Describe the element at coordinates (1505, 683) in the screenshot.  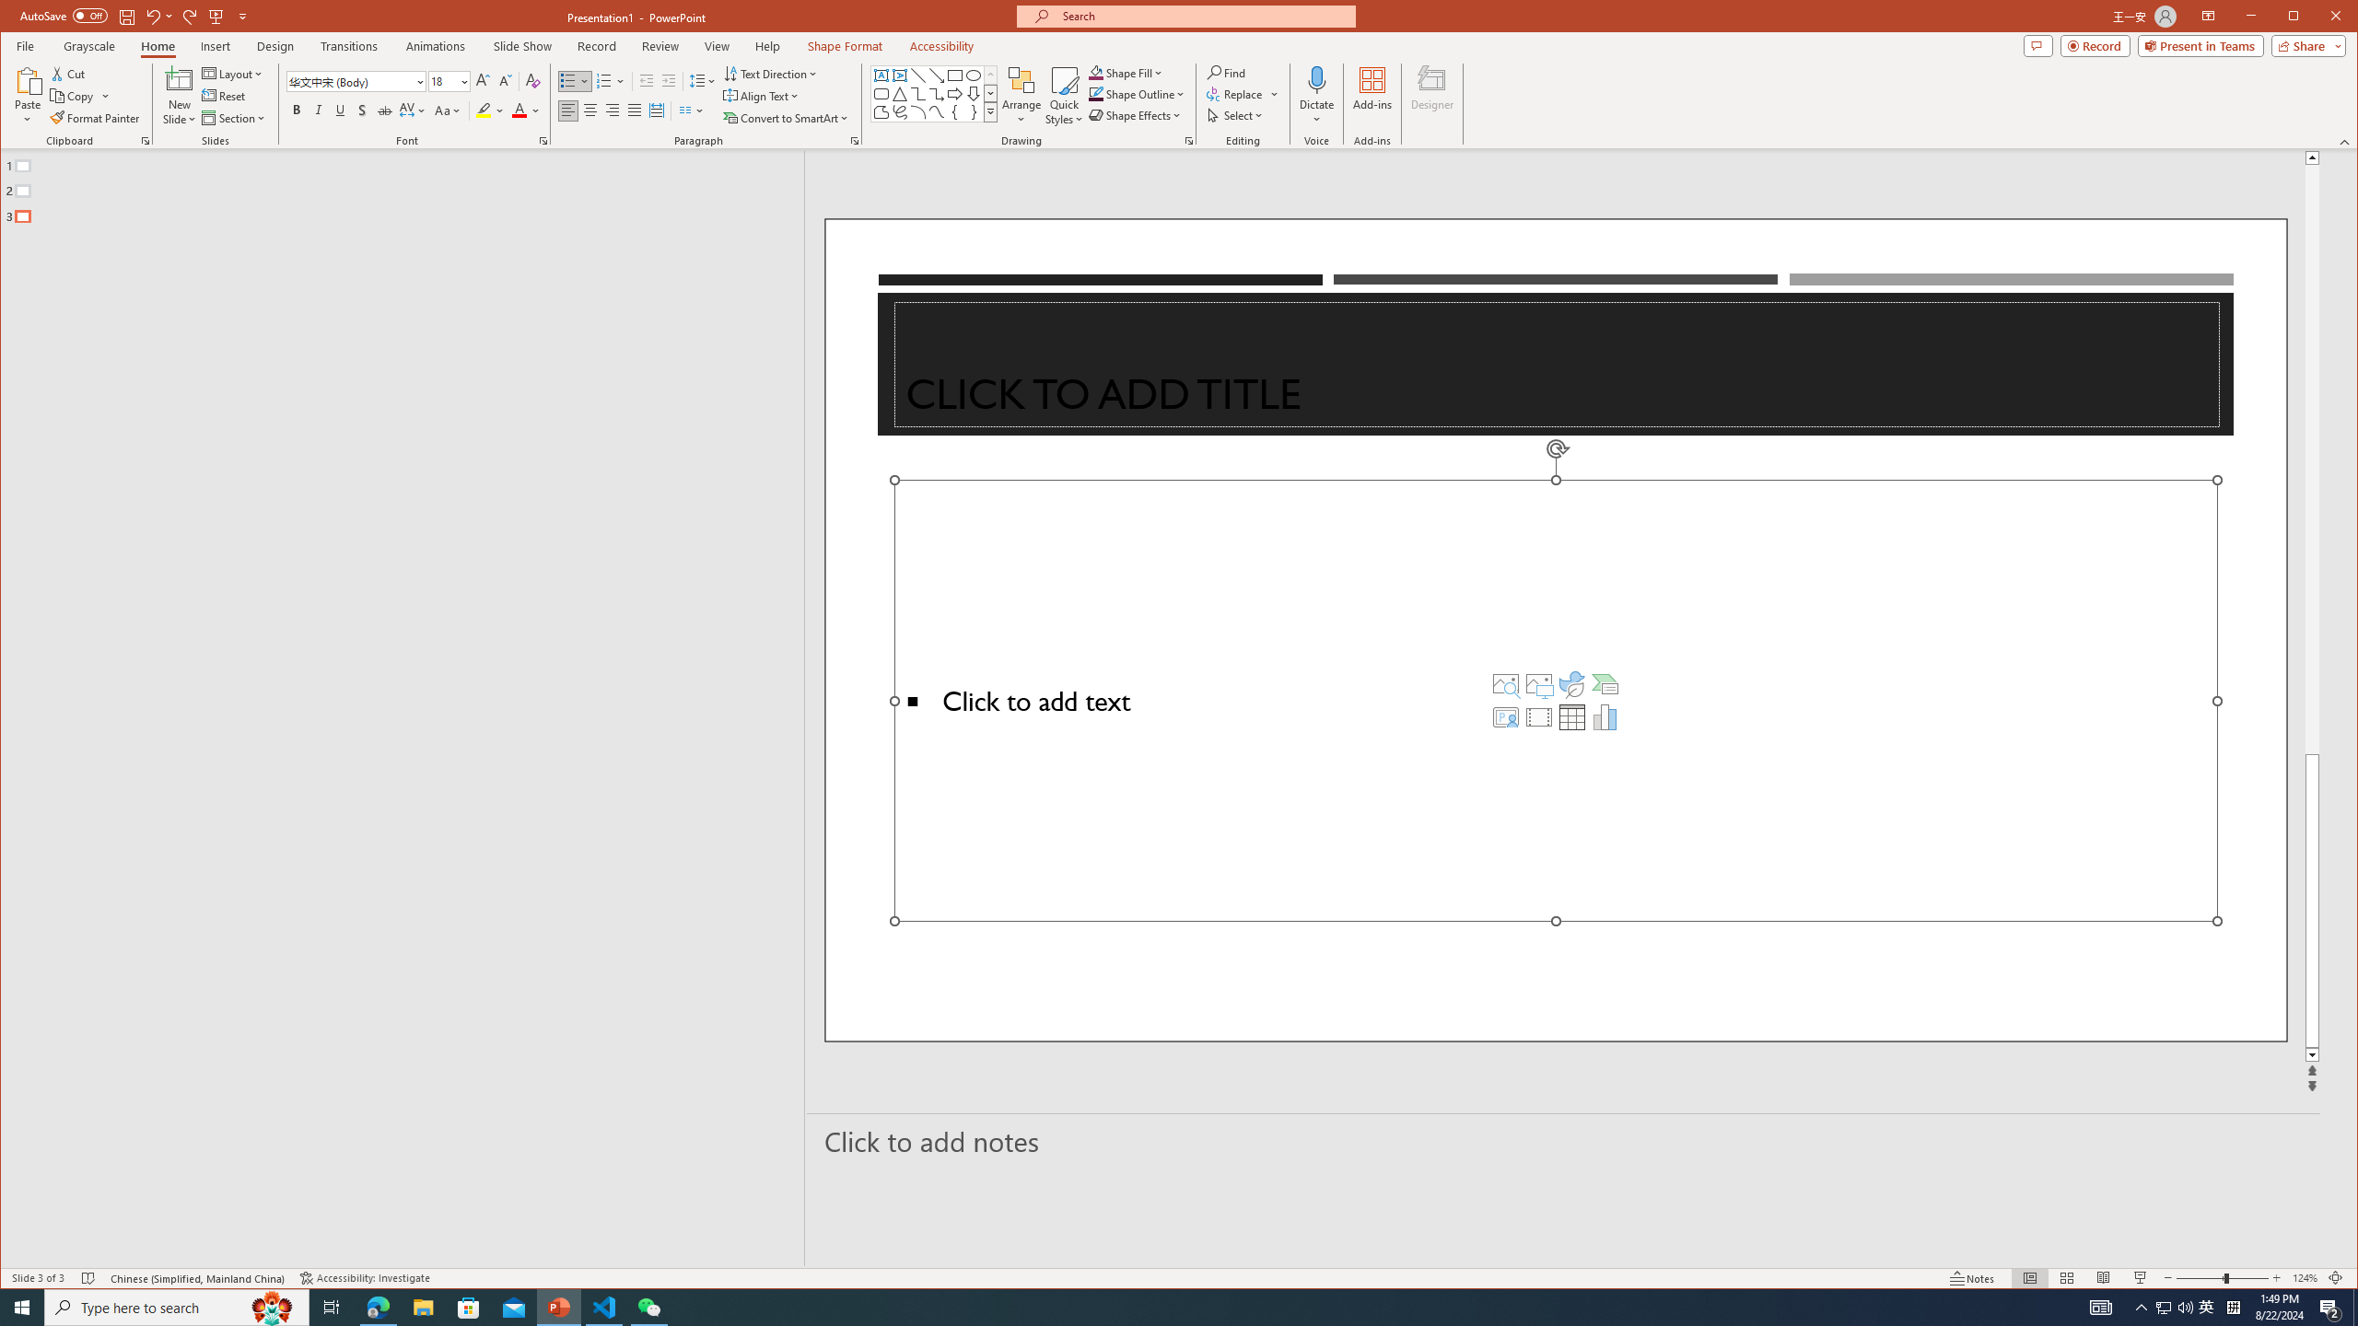
I see `'Stock Images'` at that location.